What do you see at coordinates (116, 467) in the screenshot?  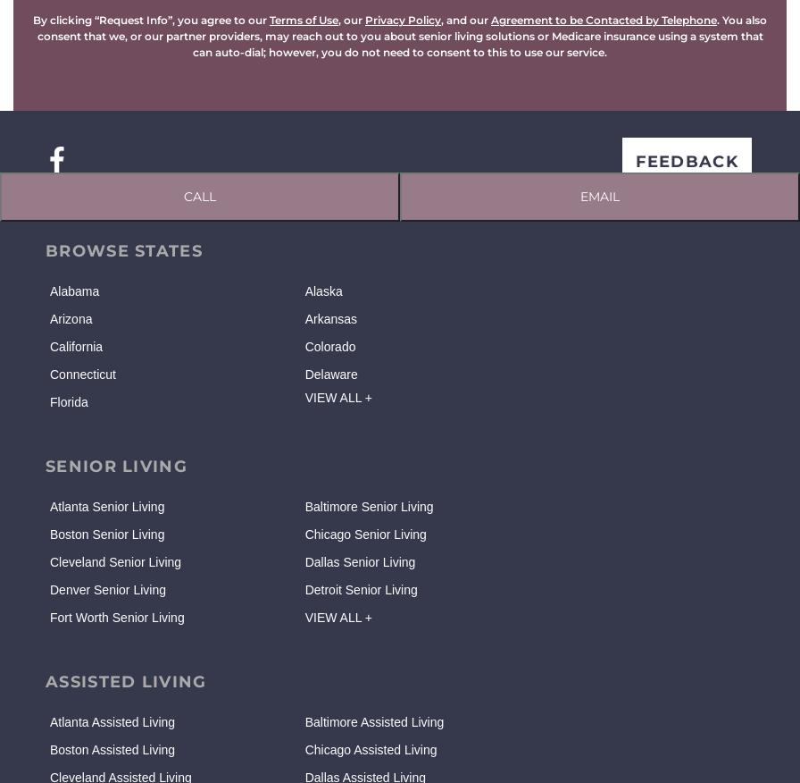 I see `'SENIOR LIVING'` at bounding box center [116, 467].